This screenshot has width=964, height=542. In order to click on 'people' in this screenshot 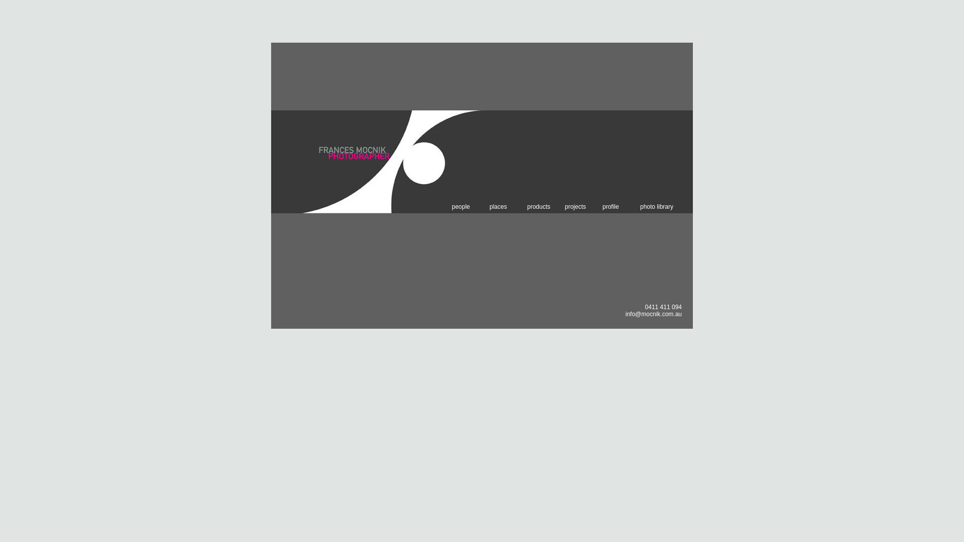, I will do `click(470, 206)`.